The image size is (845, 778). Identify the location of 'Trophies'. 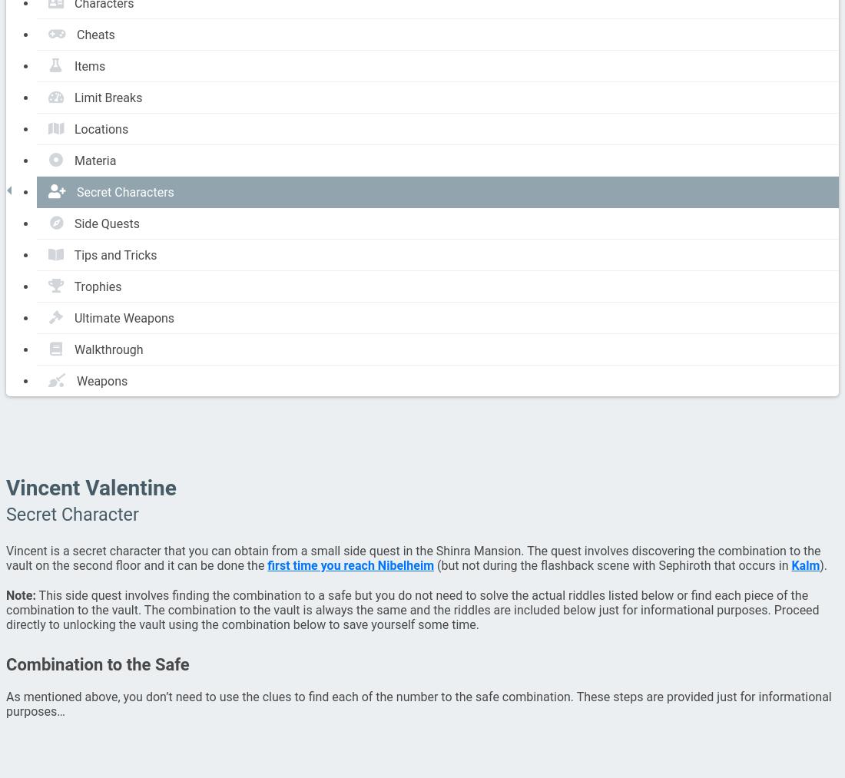
(74, 286).